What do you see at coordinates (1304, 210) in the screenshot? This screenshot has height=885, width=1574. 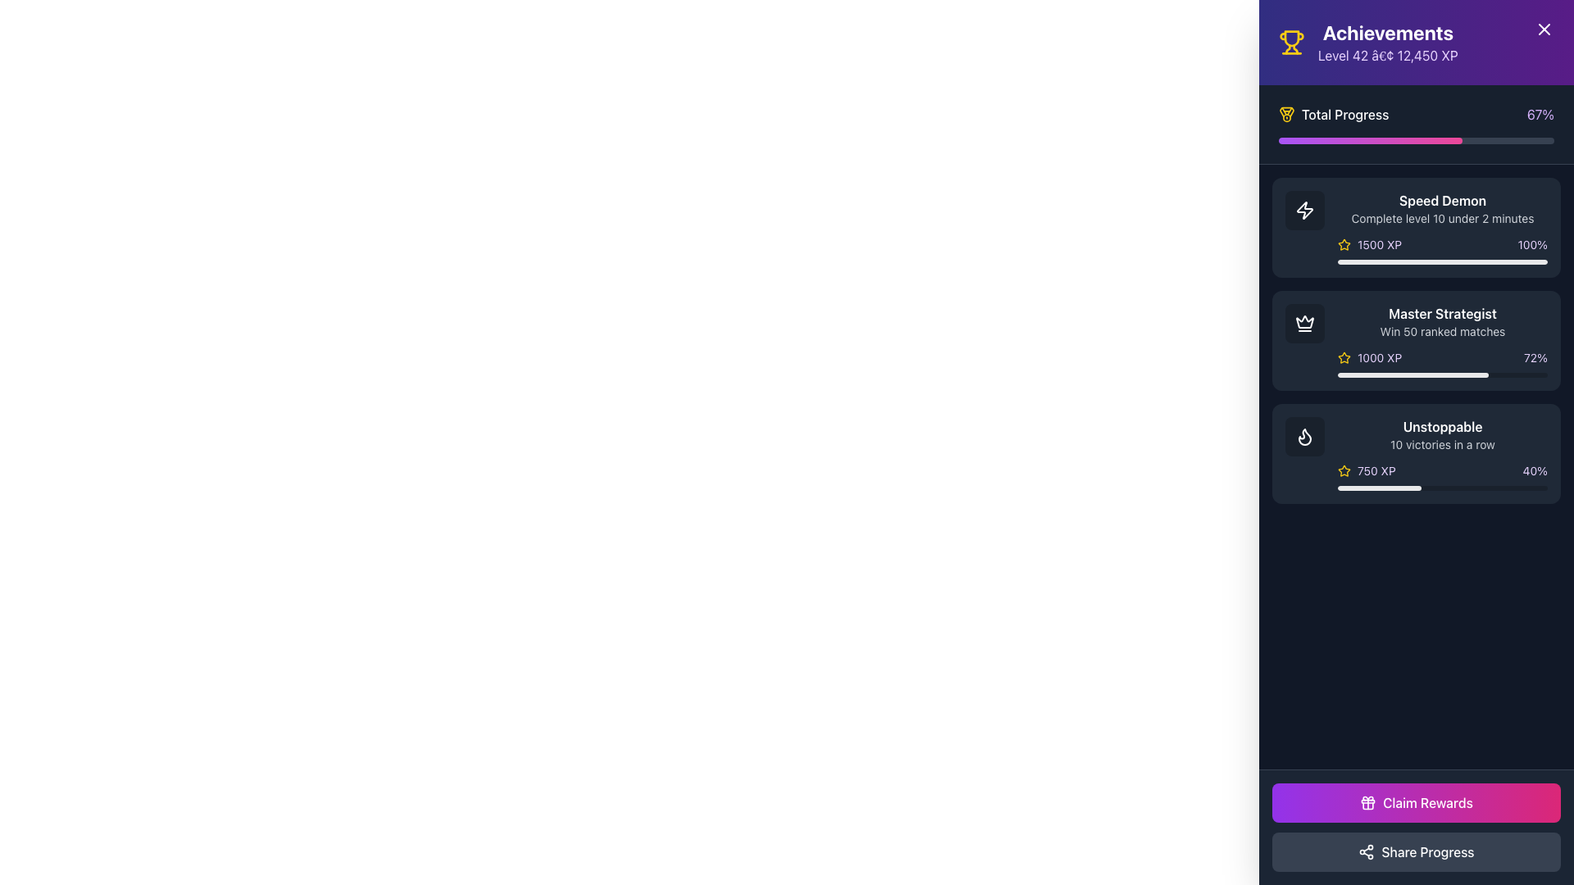 I see `the rounded rectangular icon with a dark background and a white lightning bolt symbol, which is the first icon under 'Speed Demon' in the achievements list` at bounding box center [1304, 210].